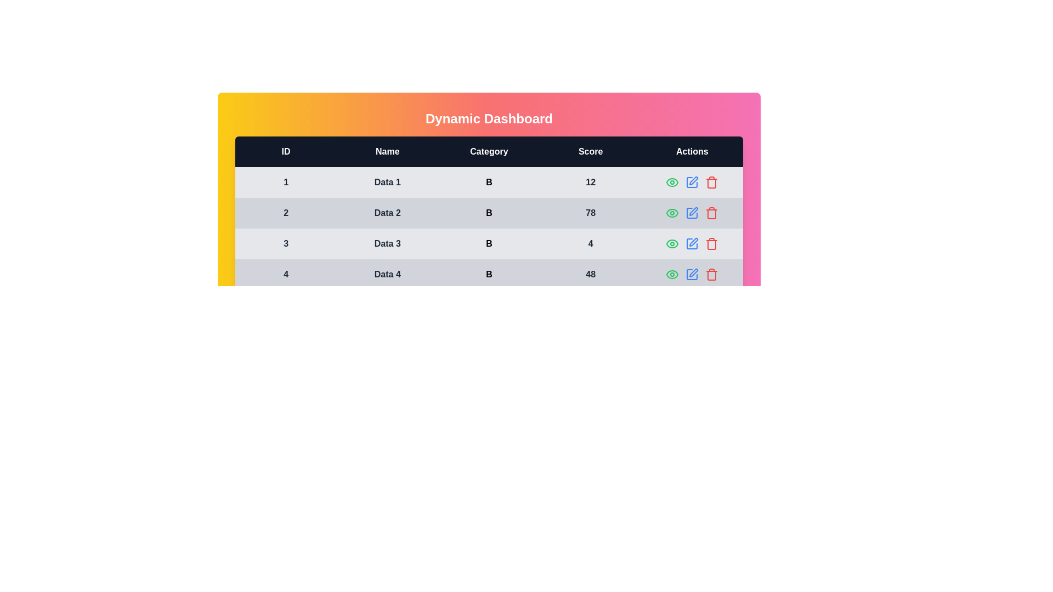 The image size is (1053, 592). What do you see at coordinates (489, 181) in the screenshot?
I see `the row corresponding to 1` at bounding box center [489, 181].